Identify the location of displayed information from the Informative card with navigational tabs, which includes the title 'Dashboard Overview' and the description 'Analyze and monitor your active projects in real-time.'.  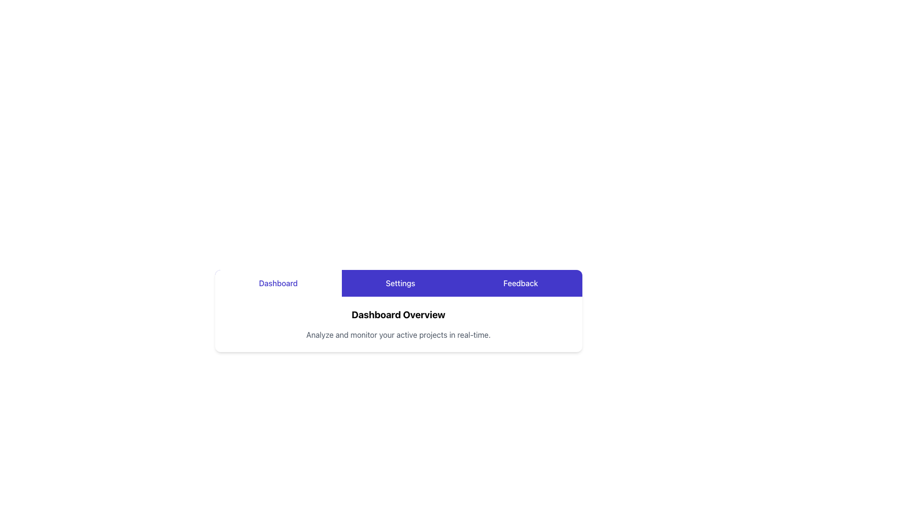
(398, 311).